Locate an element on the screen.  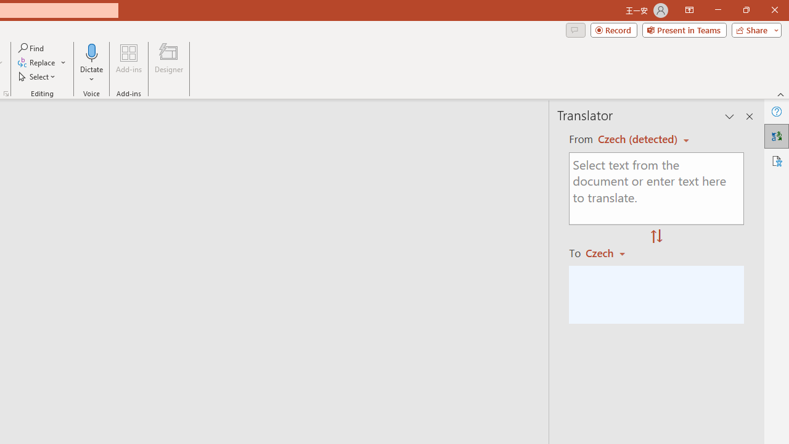
'Dictate' is located at coordinates (91, 64).